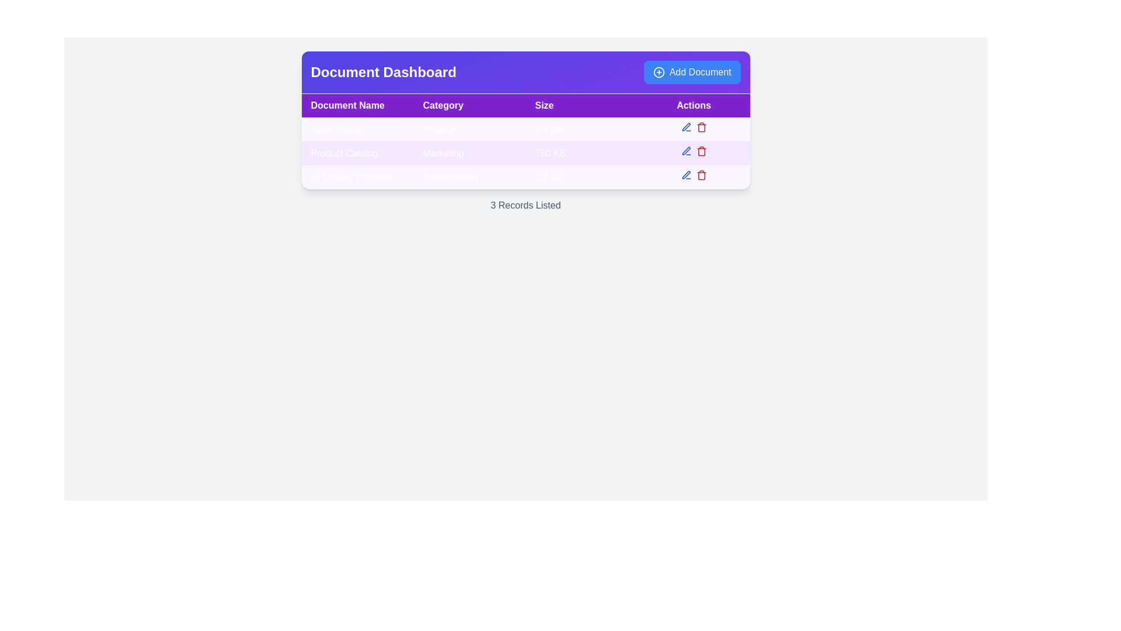  Describe the element at coordinates (701, 150) in the screenshot. I see `the delete button located in the 'Actions' column of the second row of the table` at that location.